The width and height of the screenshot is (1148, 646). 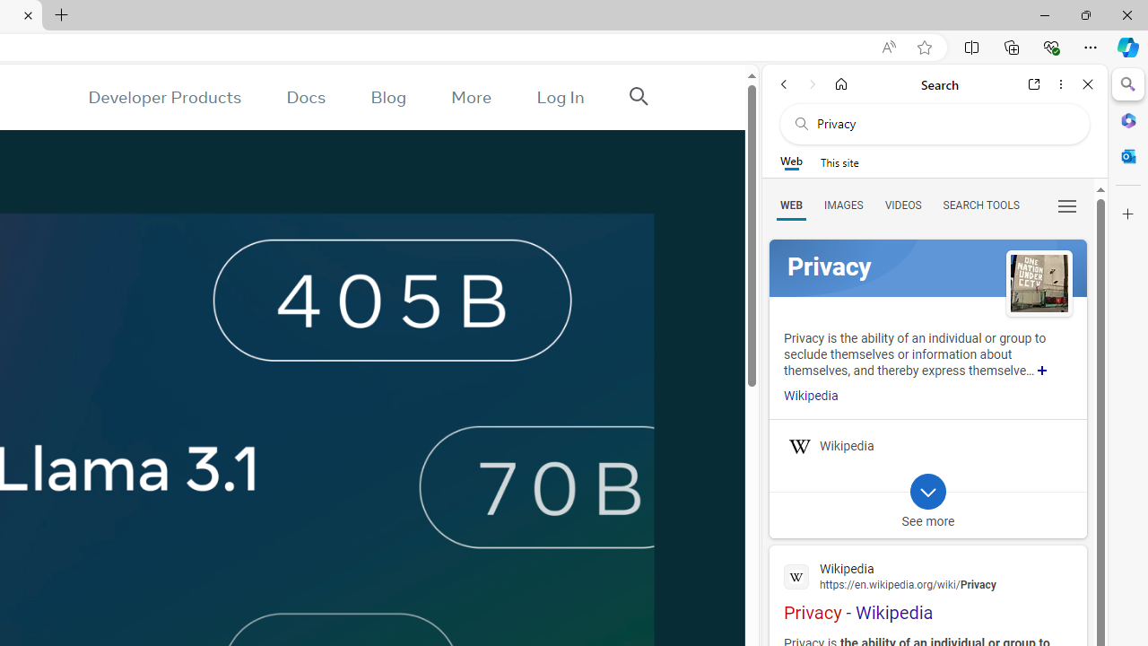 I want to click on 'Outlook', so click(x=1127, y=155).